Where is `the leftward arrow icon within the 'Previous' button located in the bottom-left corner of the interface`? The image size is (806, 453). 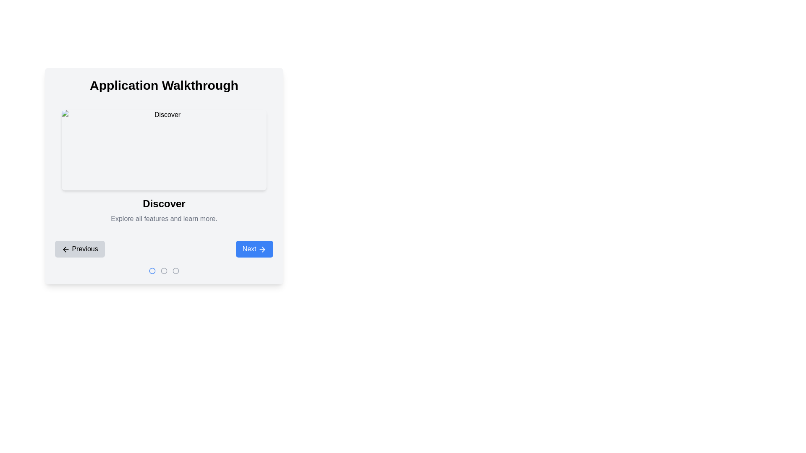
the leftward arrow icon within the 'Previous' button located in the bottom-left corner of the interface is located at coordinates (65, 249).